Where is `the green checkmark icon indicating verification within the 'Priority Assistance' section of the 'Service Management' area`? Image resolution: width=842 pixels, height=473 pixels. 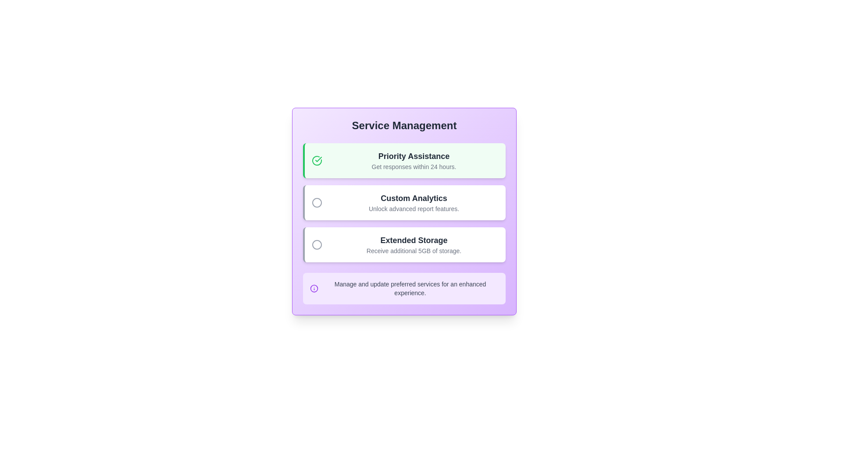 the green checkmark icon indicating verification within the 'Priority Assistance' section of the 'Service Management' area is located at coordinates (318, 159).